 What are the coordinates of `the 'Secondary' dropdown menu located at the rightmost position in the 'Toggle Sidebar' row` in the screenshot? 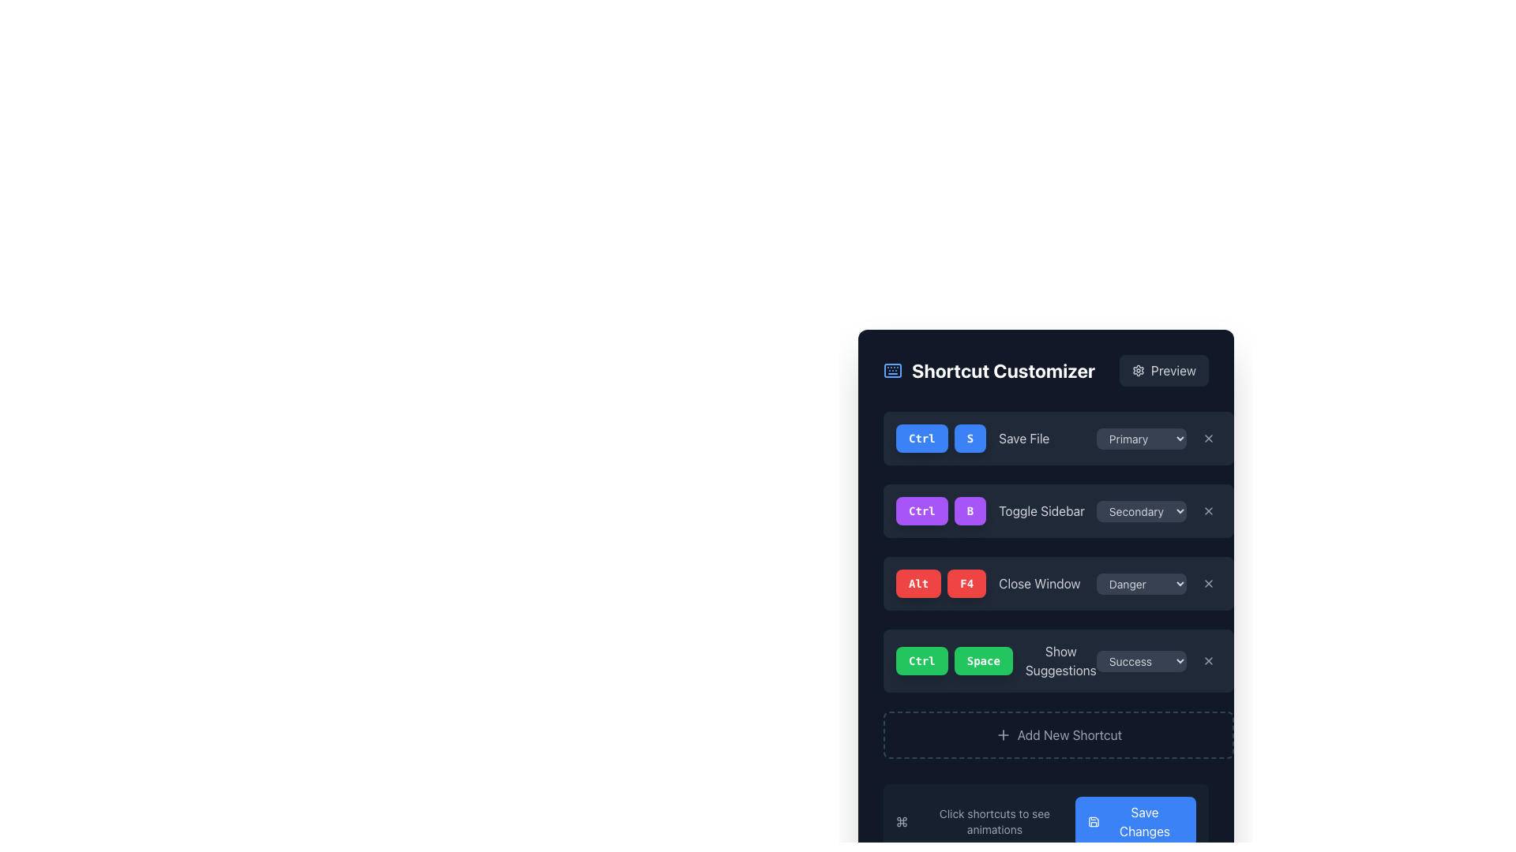 It's located at (1158, 511).